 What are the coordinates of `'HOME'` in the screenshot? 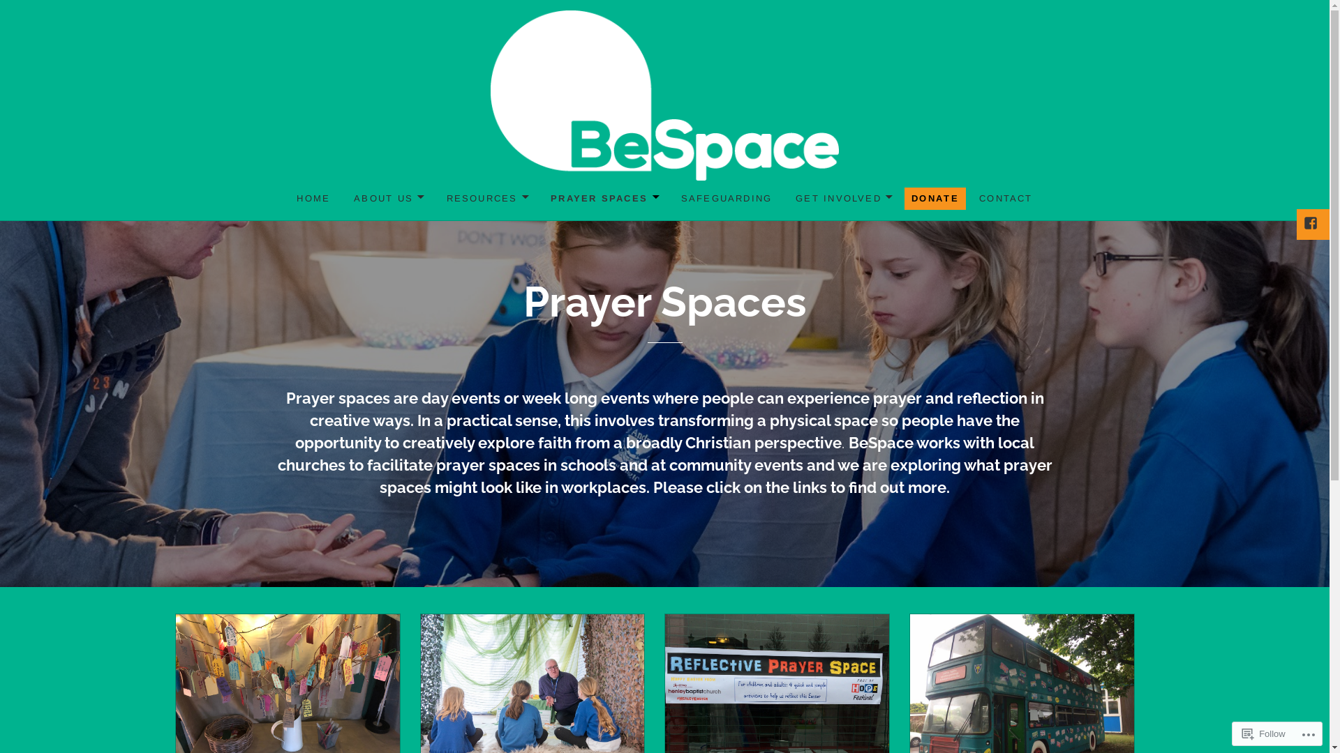 It's located at (285, 199).